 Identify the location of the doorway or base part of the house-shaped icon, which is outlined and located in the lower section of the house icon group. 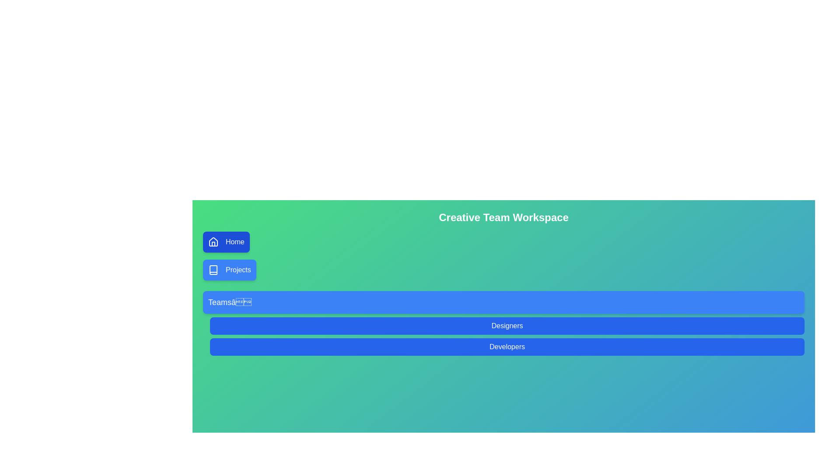
(213, 244).